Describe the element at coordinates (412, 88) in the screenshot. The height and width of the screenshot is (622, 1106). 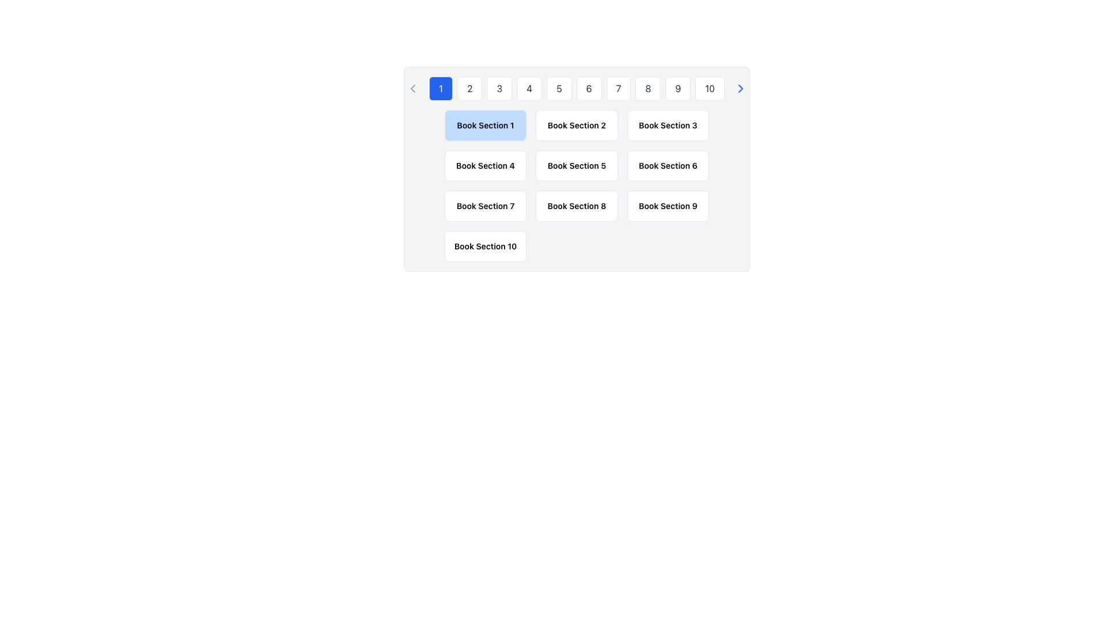
I see `the leftward-pointing gray arrow icon in the pagination control system, which is located immediately to the left of the blue-highlighted button labeled '1'` at that location.